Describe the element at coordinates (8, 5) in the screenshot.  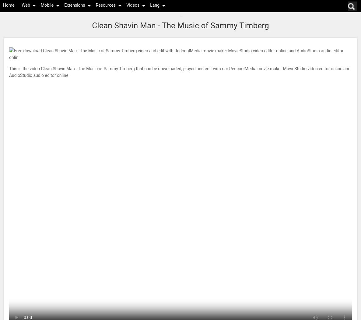
I see `'Home'` at that location.